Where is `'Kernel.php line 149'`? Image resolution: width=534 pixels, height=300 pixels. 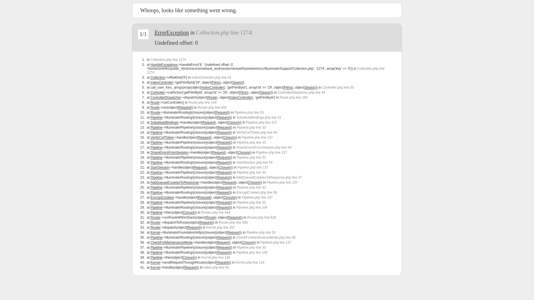
'Kernel.php line 149' is located at coordinates (201, 257).